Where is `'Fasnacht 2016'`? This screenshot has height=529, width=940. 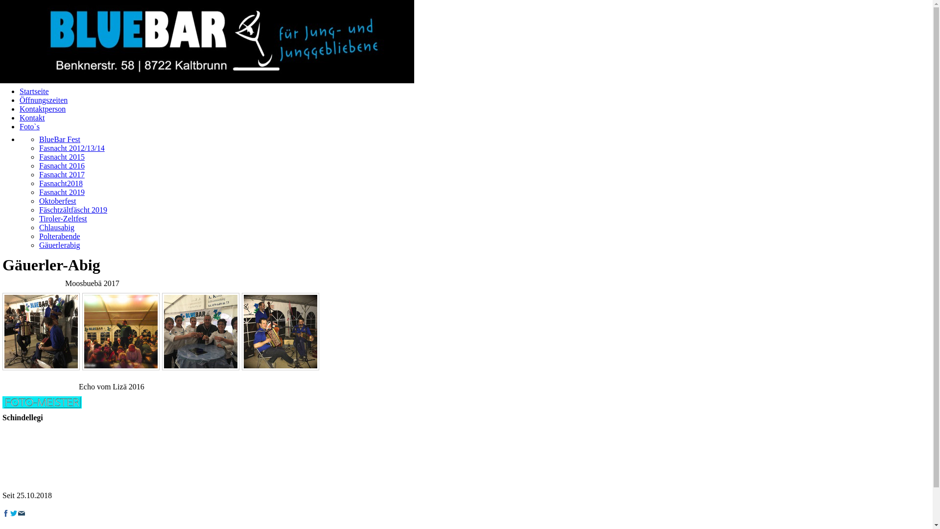 'Fasnacht 2016' is located at coordinates (39, 165).